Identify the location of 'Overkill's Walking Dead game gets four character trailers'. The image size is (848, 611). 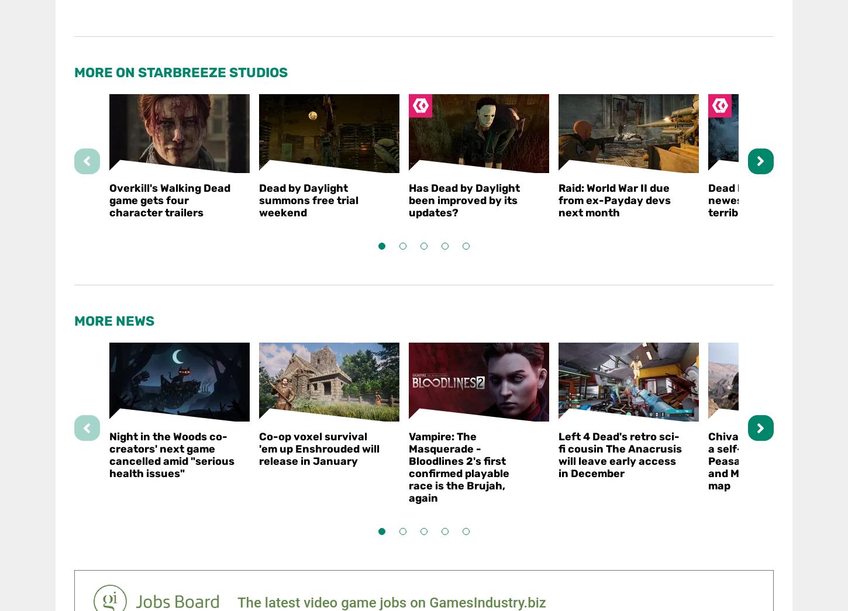
(170, 200).